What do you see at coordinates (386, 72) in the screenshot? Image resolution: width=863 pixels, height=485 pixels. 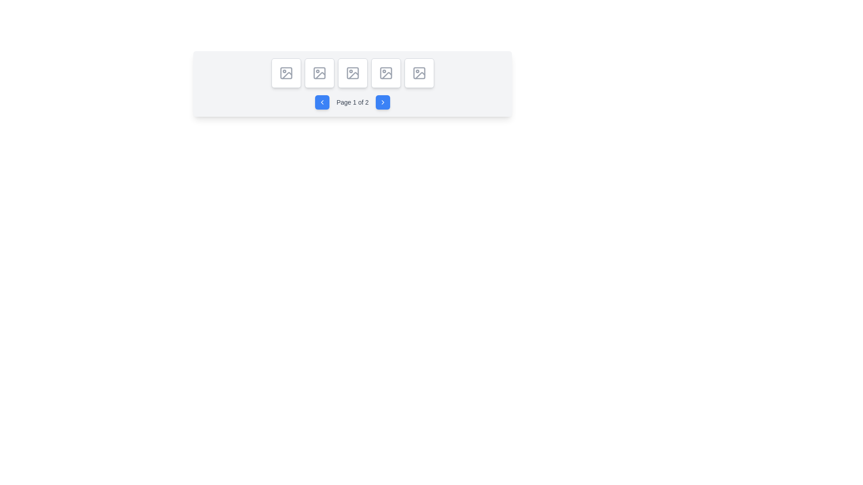 I see `the SVG Icon, which is the fourth button in a horizontal navigation bar of five buttons` at bounding box center [386, 72].